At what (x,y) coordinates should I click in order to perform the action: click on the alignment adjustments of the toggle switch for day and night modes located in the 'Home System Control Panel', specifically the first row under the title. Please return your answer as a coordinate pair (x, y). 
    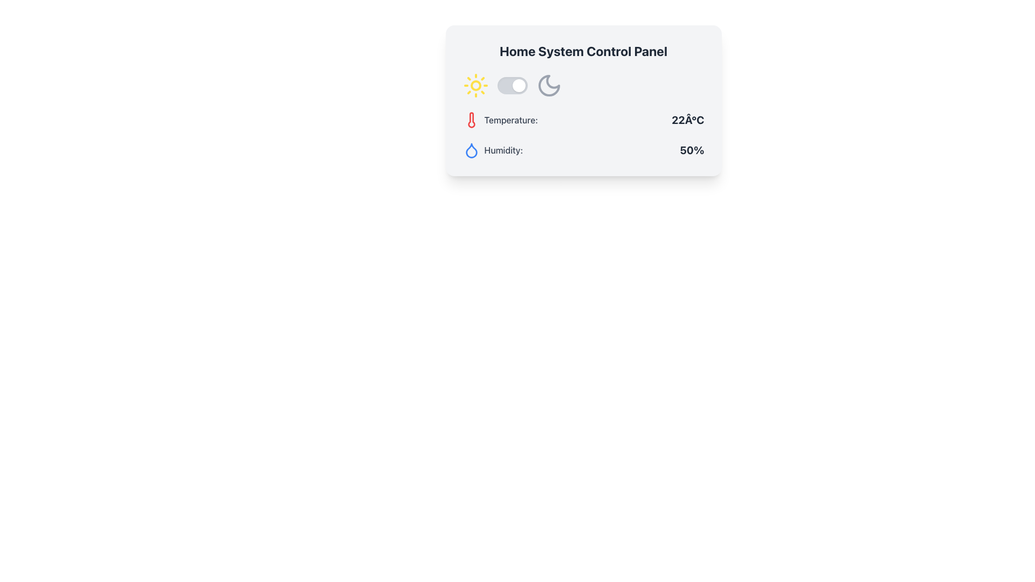
    Looking at the image, I should click on (583, 85).